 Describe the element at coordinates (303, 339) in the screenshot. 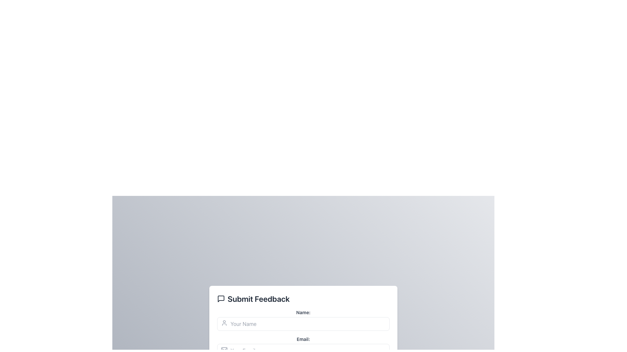

I see `label indicating the email input field under the 'Submit Feedback' section` at that location.